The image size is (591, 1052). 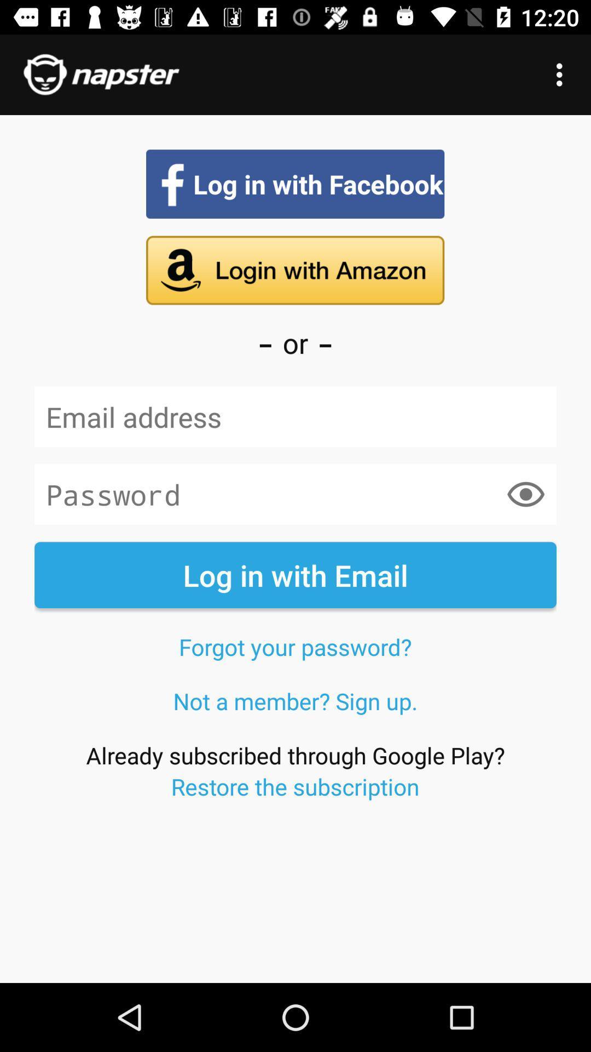 I want to click on not a member, so click(x=296, y=700).